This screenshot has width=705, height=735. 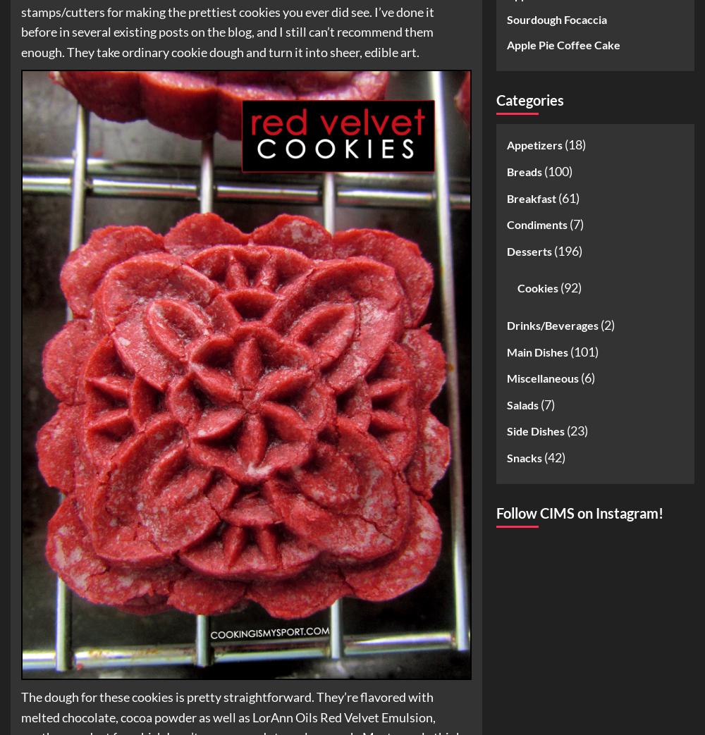 What do you see at coordinates (537, 350) in the screenshot?
I see `'Main Dishes'` at bounding box center [537, 350].